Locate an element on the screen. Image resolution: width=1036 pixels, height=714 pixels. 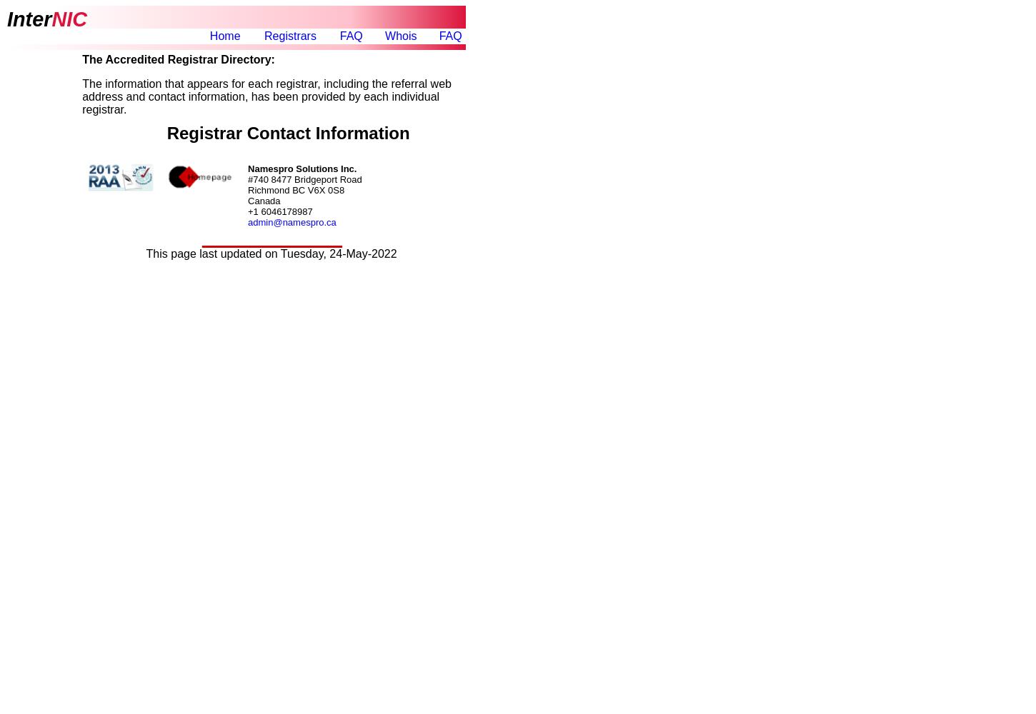
'Canada' is located at coordinates (247, 201).